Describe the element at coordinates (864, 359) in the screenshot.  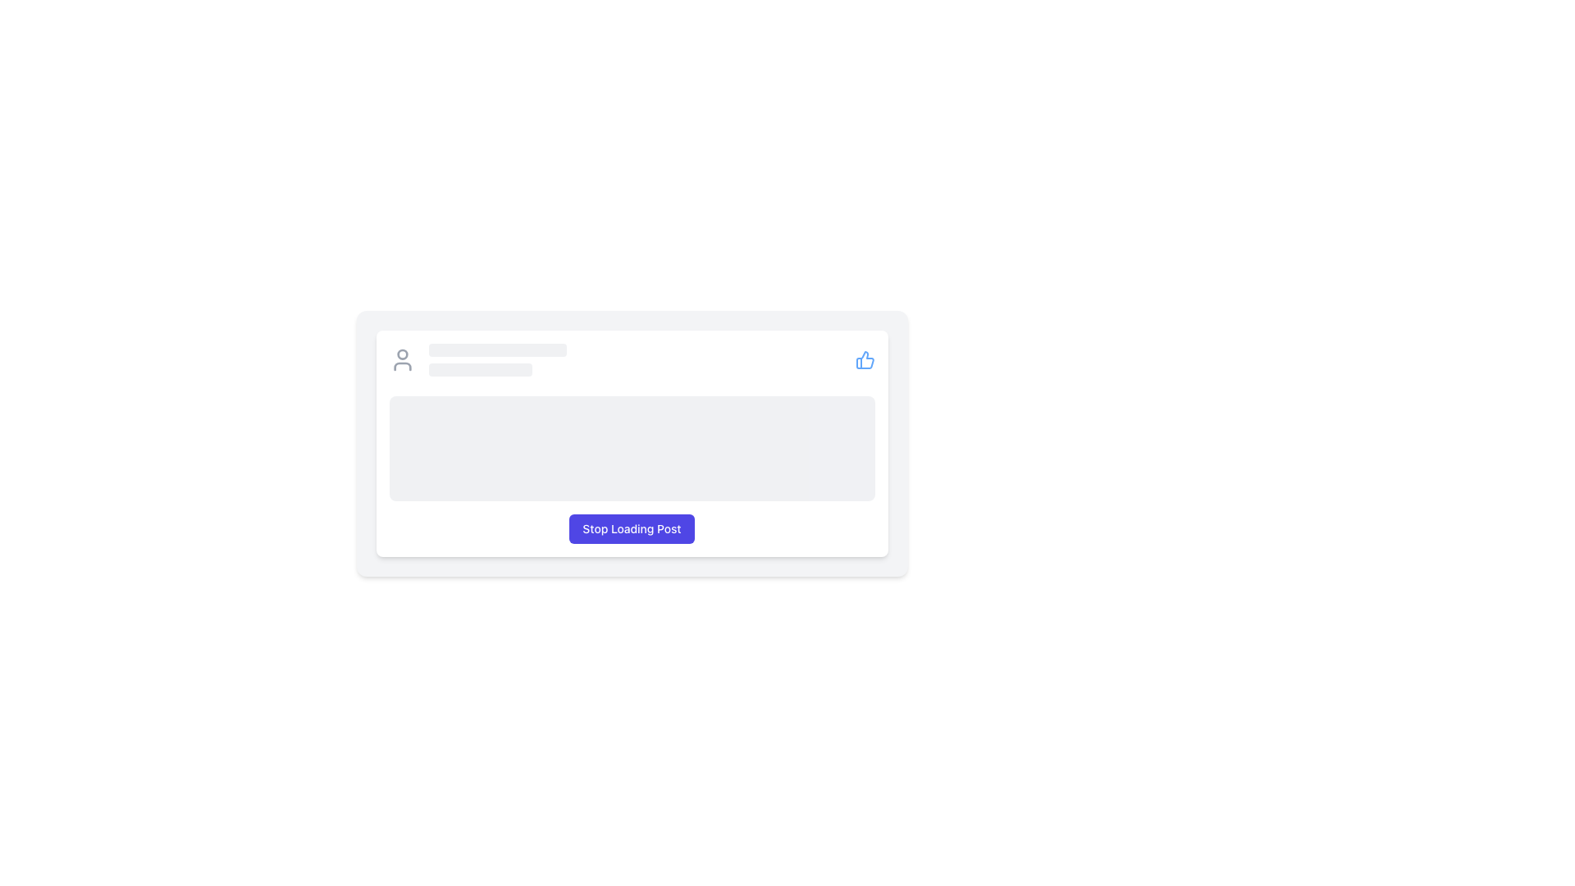
I see `the decorative SVG graphic icon representing a 'like' or approval mechanism located at the top-right corner of the UI panel` at that location.